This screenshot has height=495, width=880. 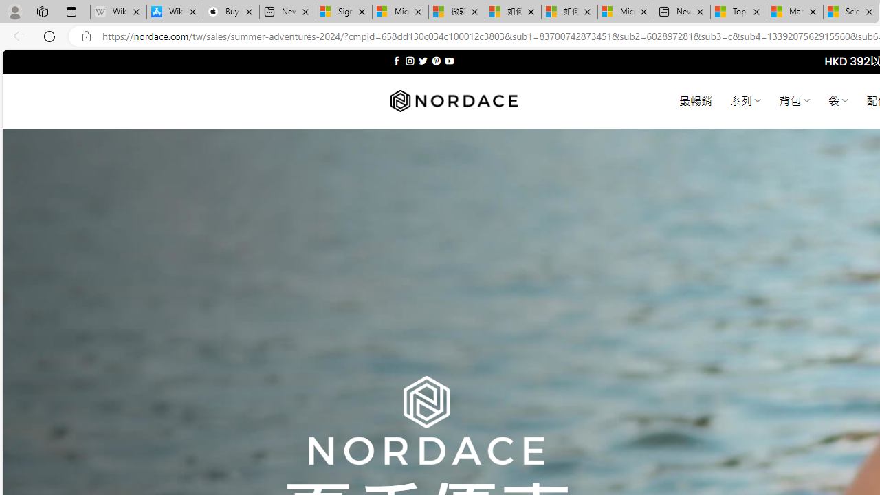 What do you see at coordinates (738, 12) in the screenshot?
I see `'Top Stories - MSN'` at bounding box center [738, 12].